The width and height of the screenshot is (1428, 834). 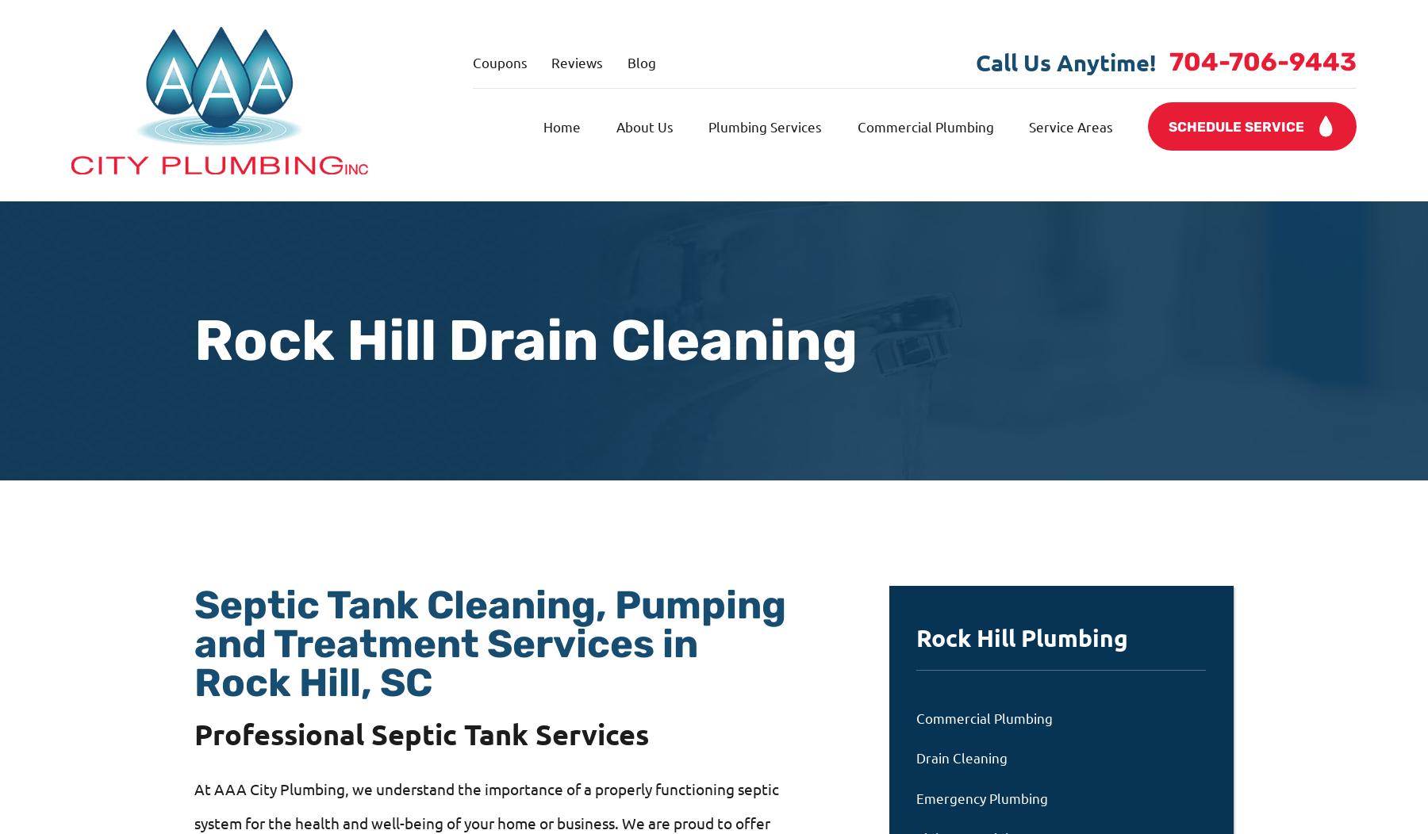 What do you see at coordinates (547, 816) in the screenshot?
I see `'Please enter your last name.'` at bounding box center [547, 816].